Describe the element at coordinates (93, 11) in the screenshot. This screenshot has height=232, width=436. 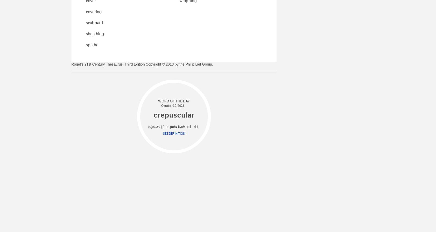
I see `'covering'` at that location.